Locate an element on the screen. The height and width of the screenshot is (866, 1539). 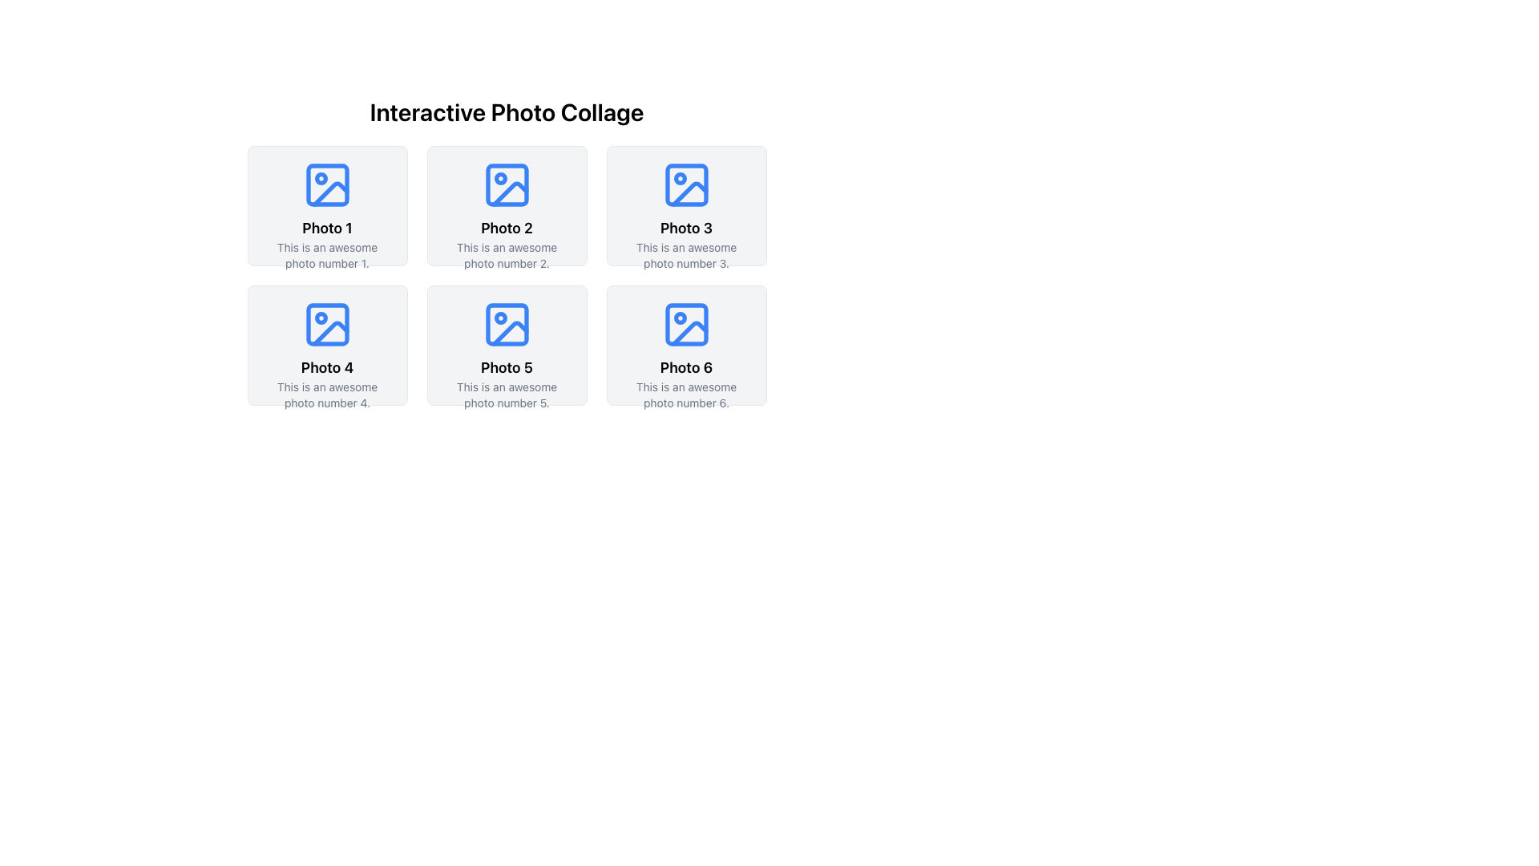
the circular part of the magnifying glass icon within the card labeled 'Photo 6', located in the second row, third column of the photo grid is located at coordinates (685, 344).